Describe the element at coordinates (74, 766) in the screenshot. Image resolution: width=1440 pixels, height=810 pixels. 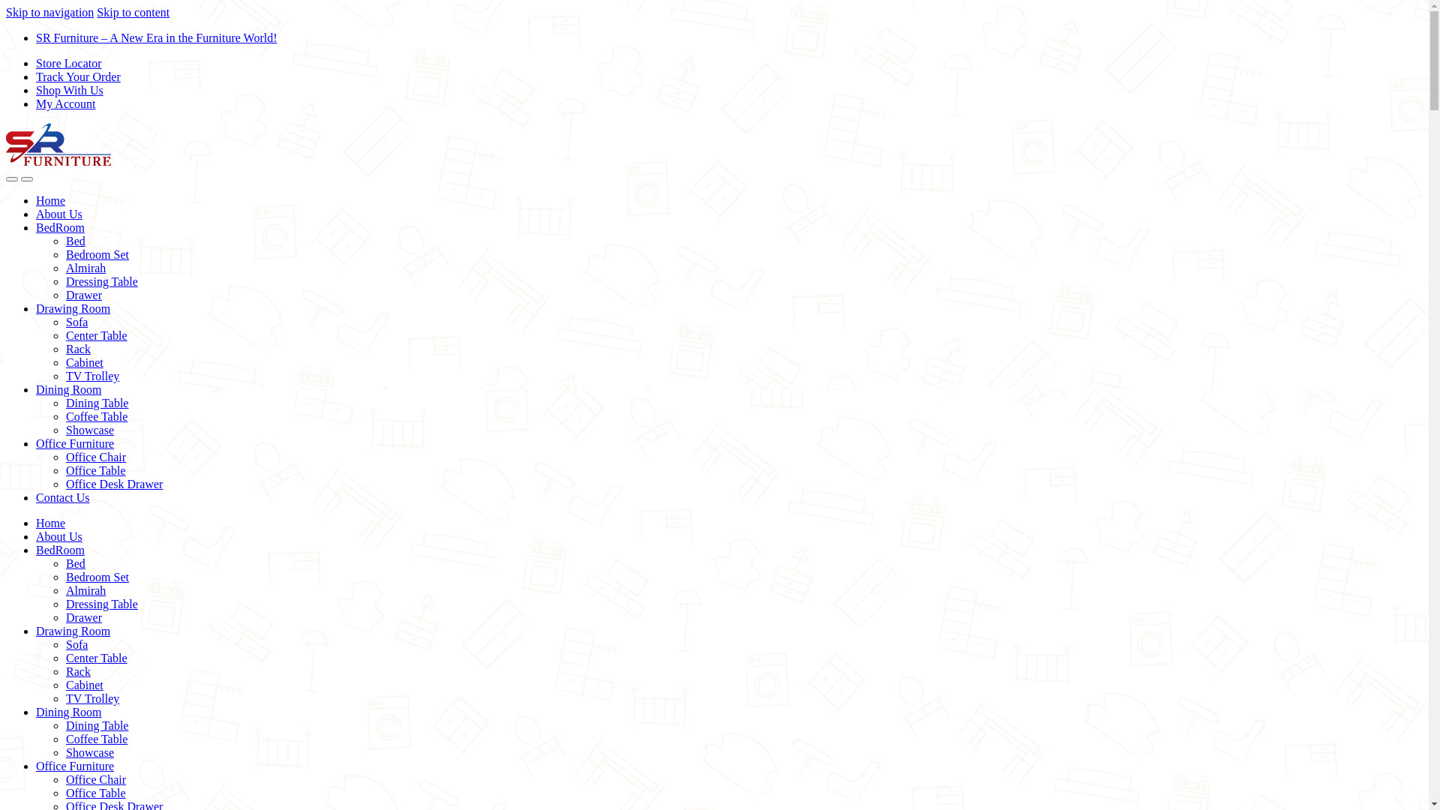
I see `'Office Furniture'` at that location.